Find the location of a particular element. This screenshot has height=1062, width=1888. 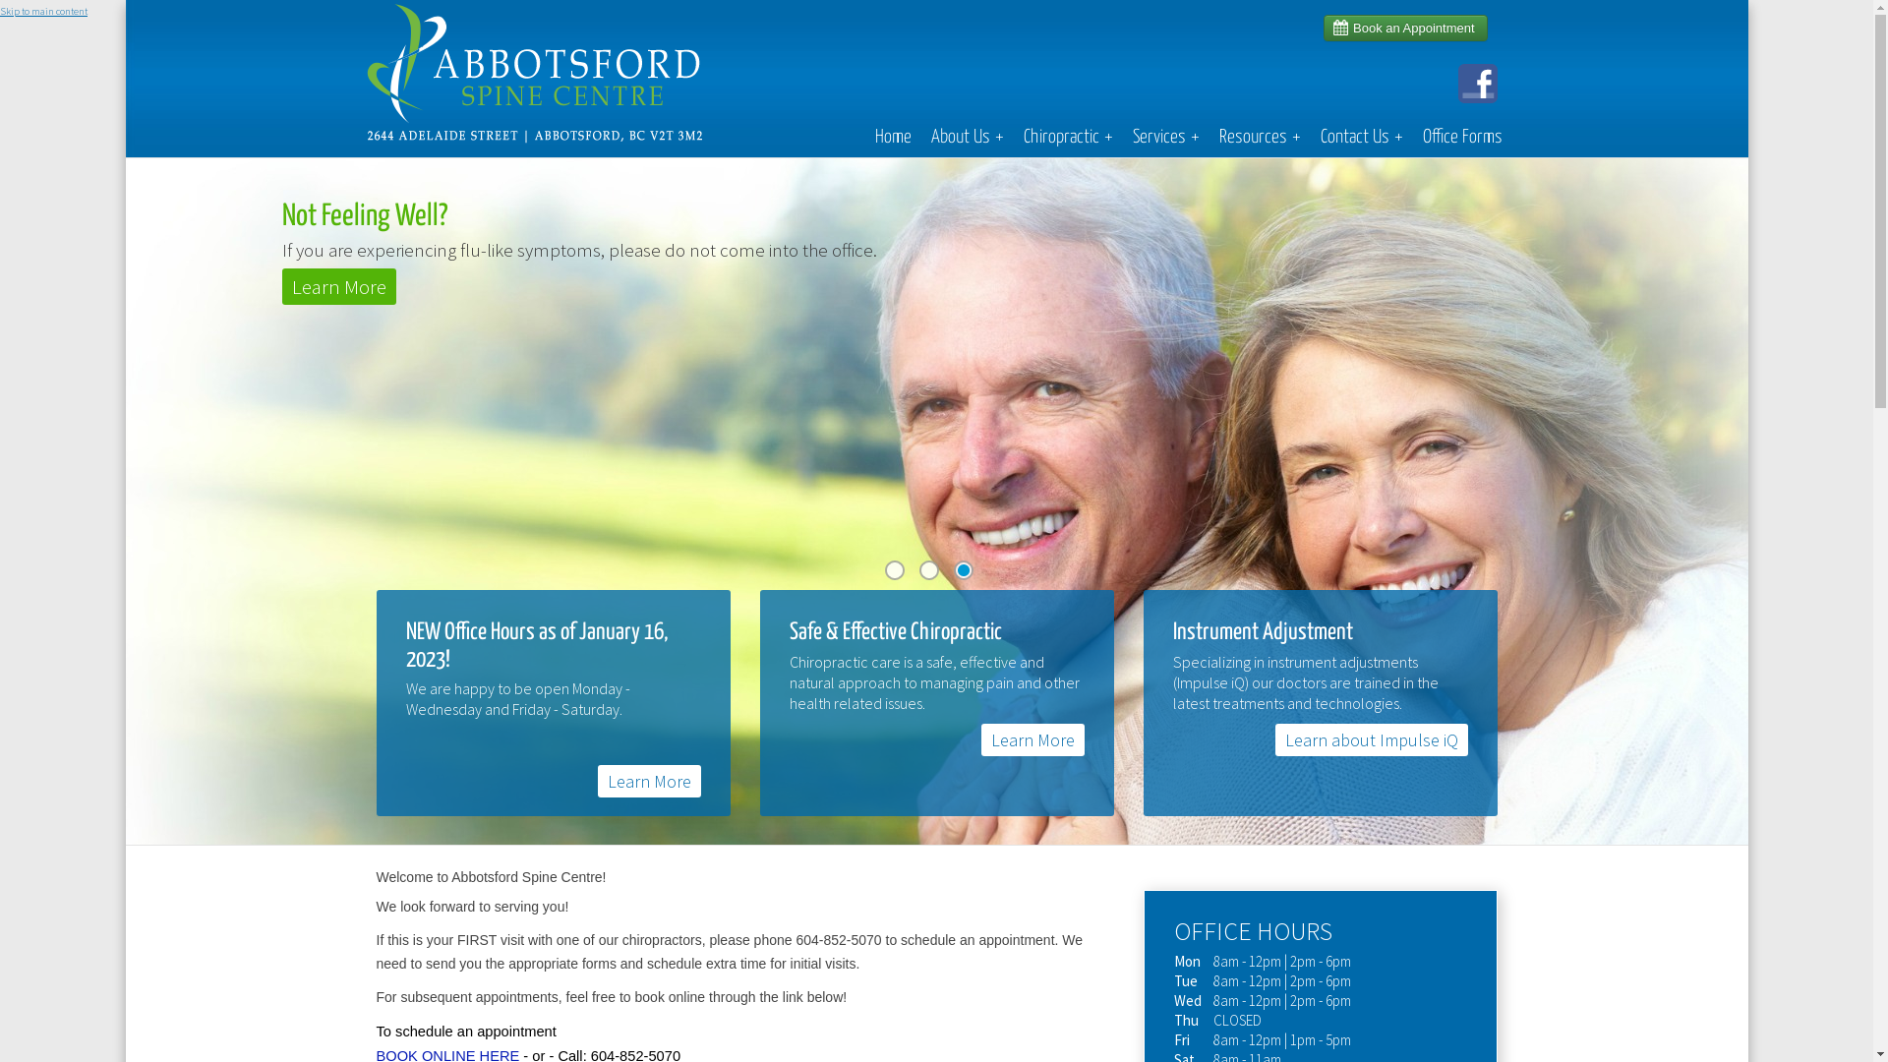

'Like Us On Facebook' is located at coordinates (351, 322).